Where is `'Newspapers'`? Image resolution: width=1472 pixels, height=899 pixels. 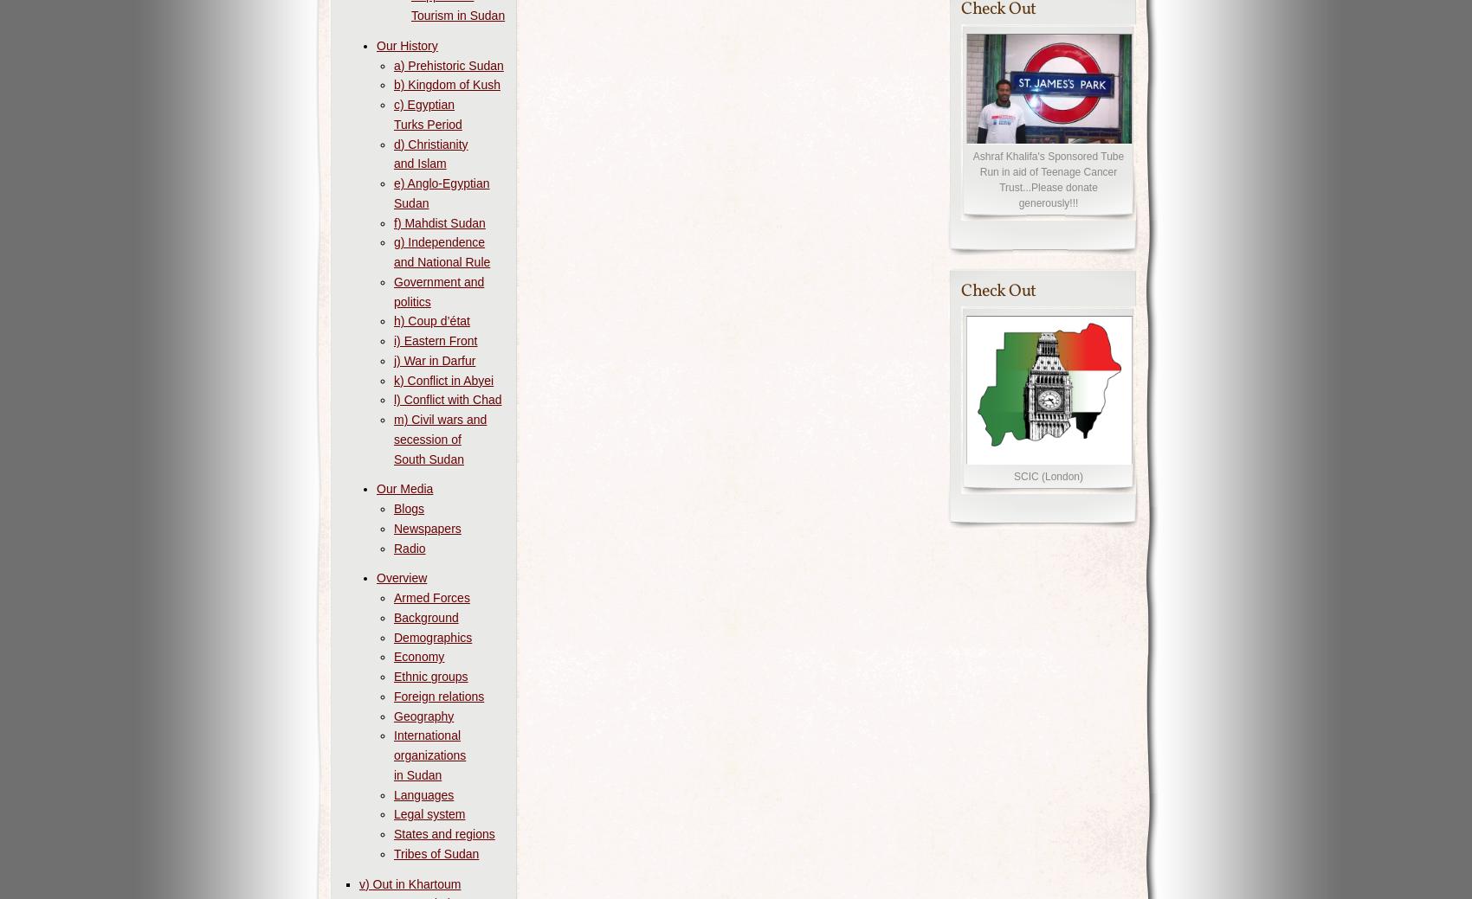 'Newspapers' is located at coordinates (427, 527).